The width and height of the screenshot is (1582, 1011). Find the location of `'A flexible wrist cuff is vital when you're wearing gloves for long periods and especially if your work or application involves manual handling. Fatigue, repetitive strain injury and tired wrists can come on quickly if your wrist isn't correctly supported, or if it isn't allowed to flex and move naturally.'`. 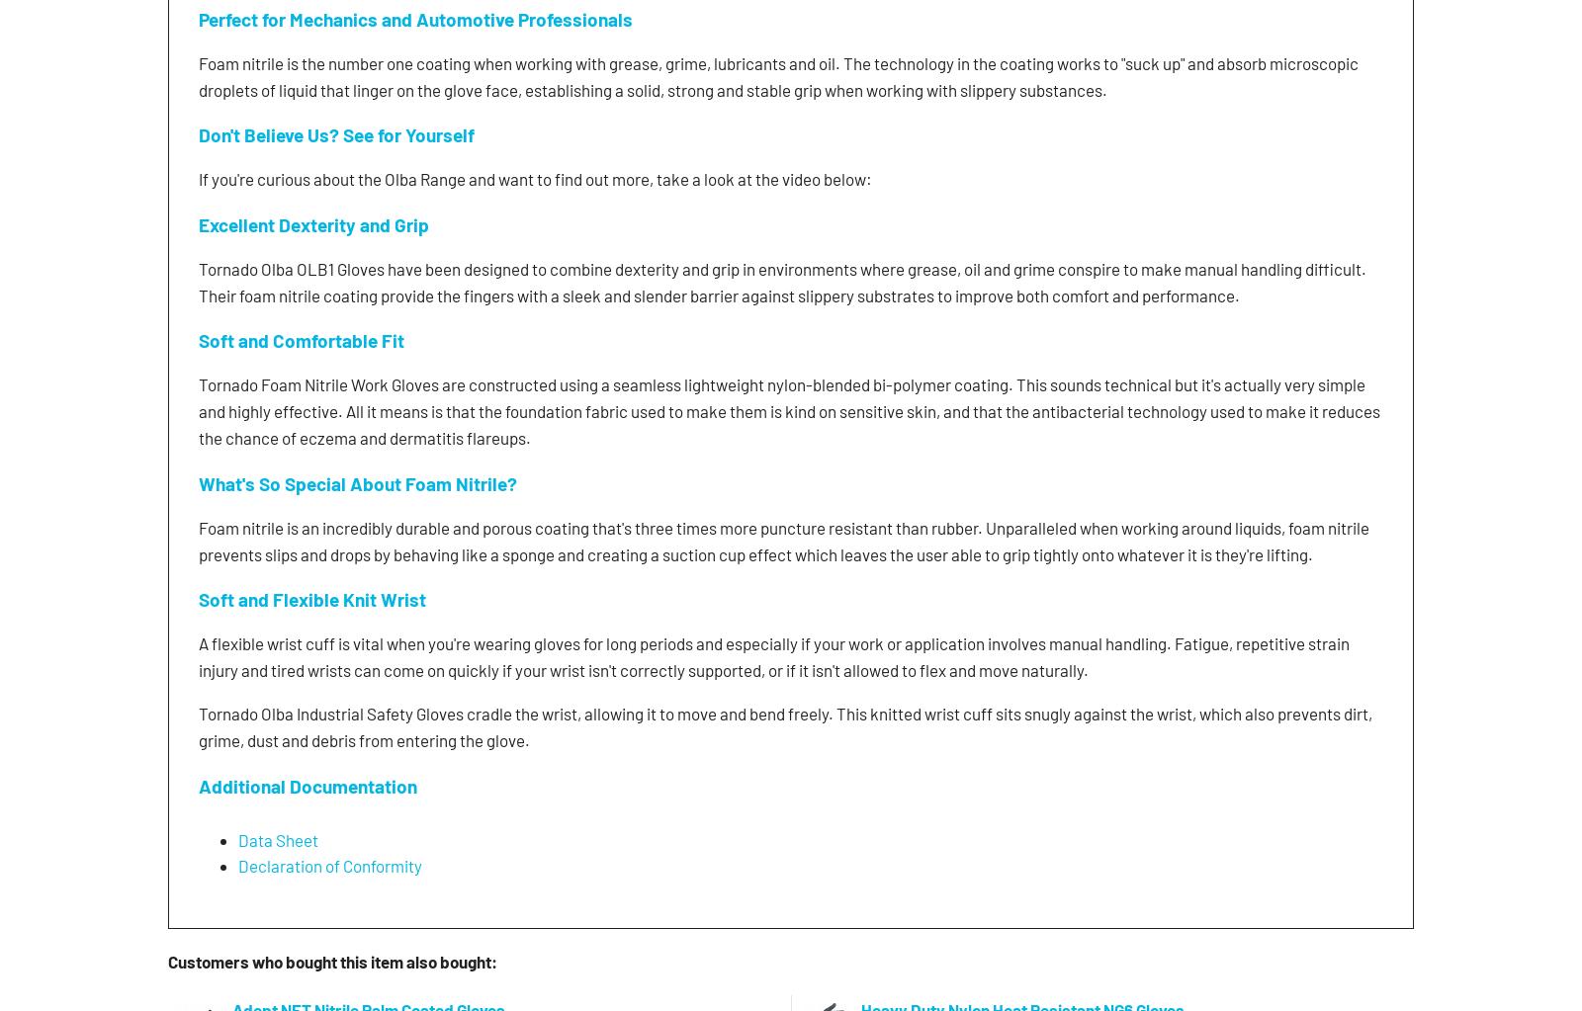

'A flexible wrist cuff is vital when you're wearing gloves for long periods and especially if your work or application involves manual handling. Fatigue, repetitive strain injury and tired wrists can come on quickly if your wrist isn't correctly supported, or if it isn't allowed to flex and move naturally.' is located at coordinates (774, 656).